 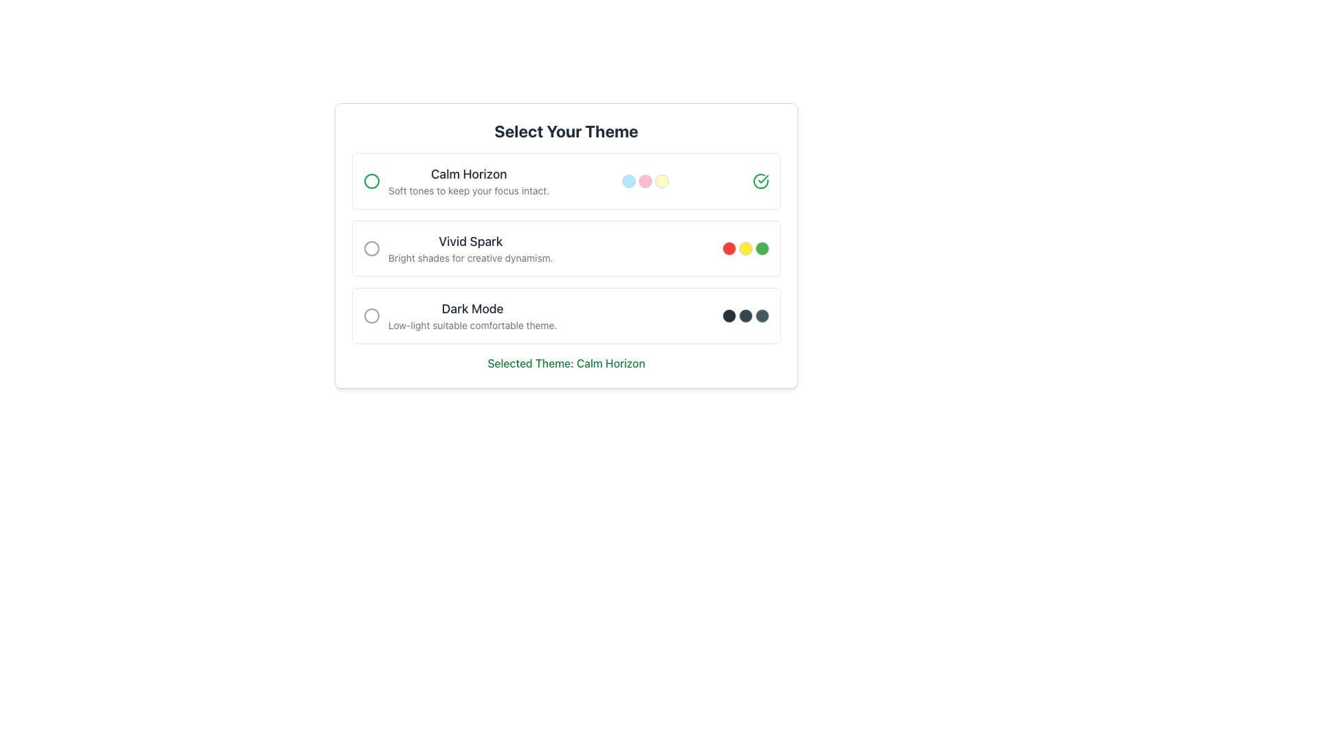 I want to click on the circular icon with a green border, located to the left of the 'Calm Horizon' text in the theme selection interface, so click(x=372, y=180).